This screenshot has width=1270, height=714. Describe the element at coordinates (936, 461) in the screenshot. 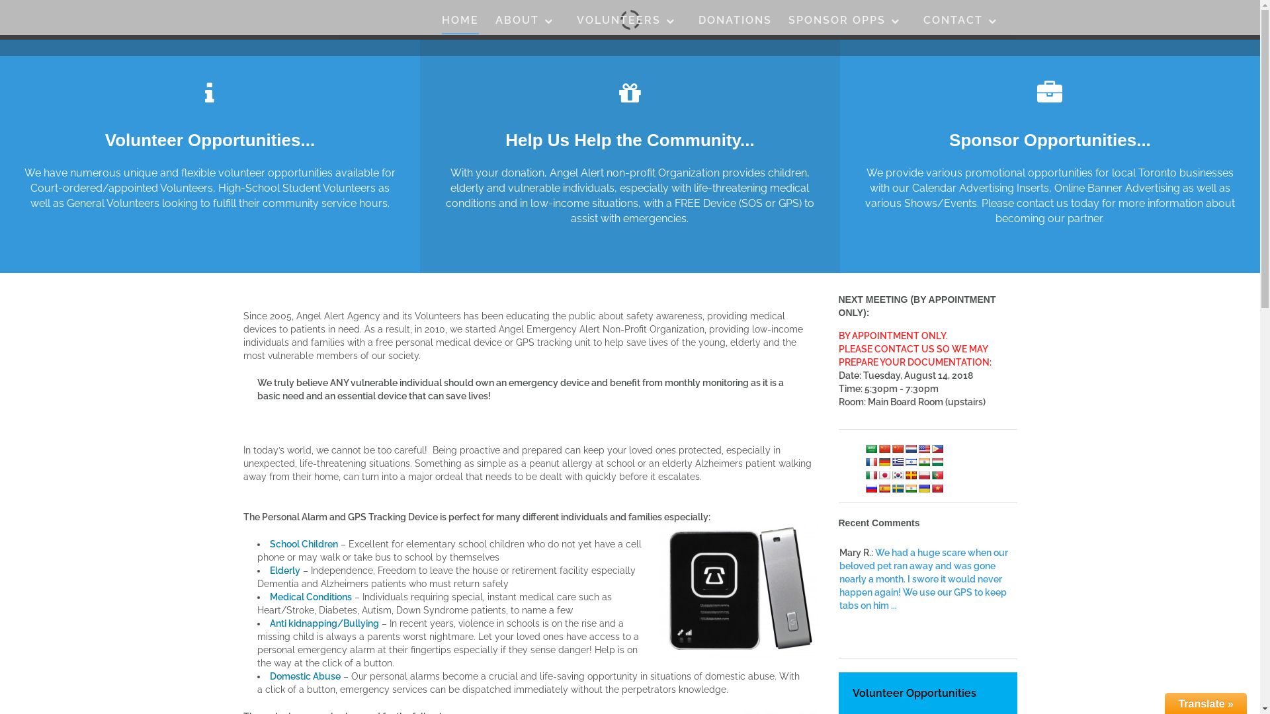

I see `'Hungarian'` at that location.